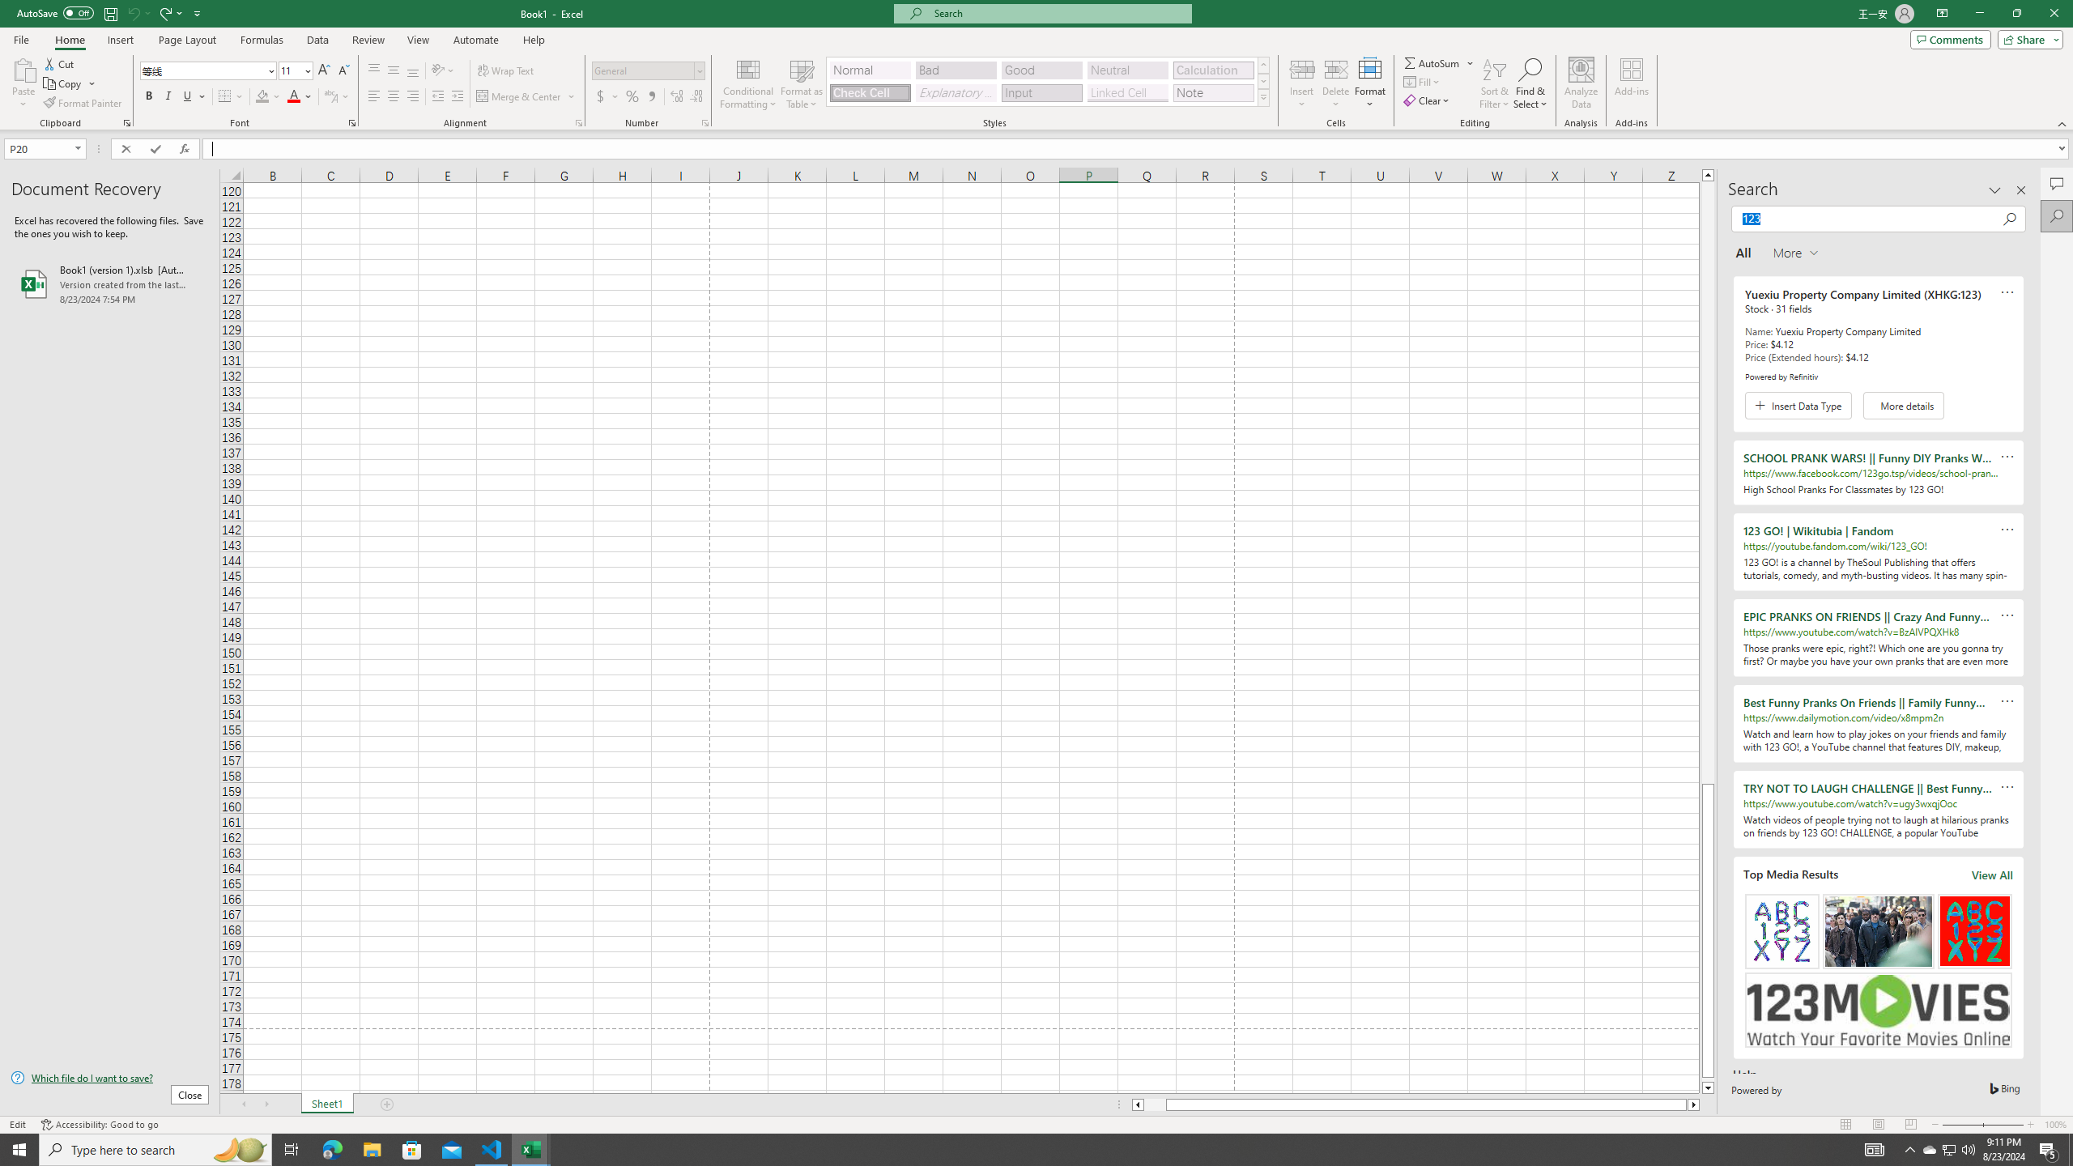  I want to click on 'Borders', so click(231, 96).